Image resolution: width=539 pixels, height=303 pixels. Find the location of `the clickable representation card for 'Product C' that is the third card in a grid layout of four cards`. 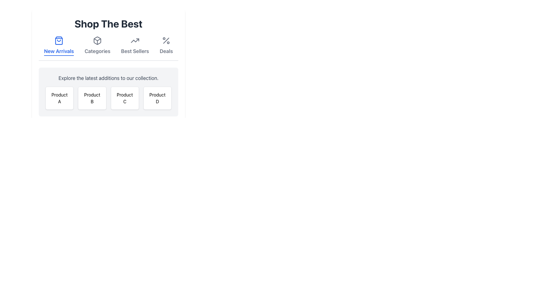

the clickable representation card for 'Product C' that is the third card in a grid layout of four cards is located at coordinates (124, 98).